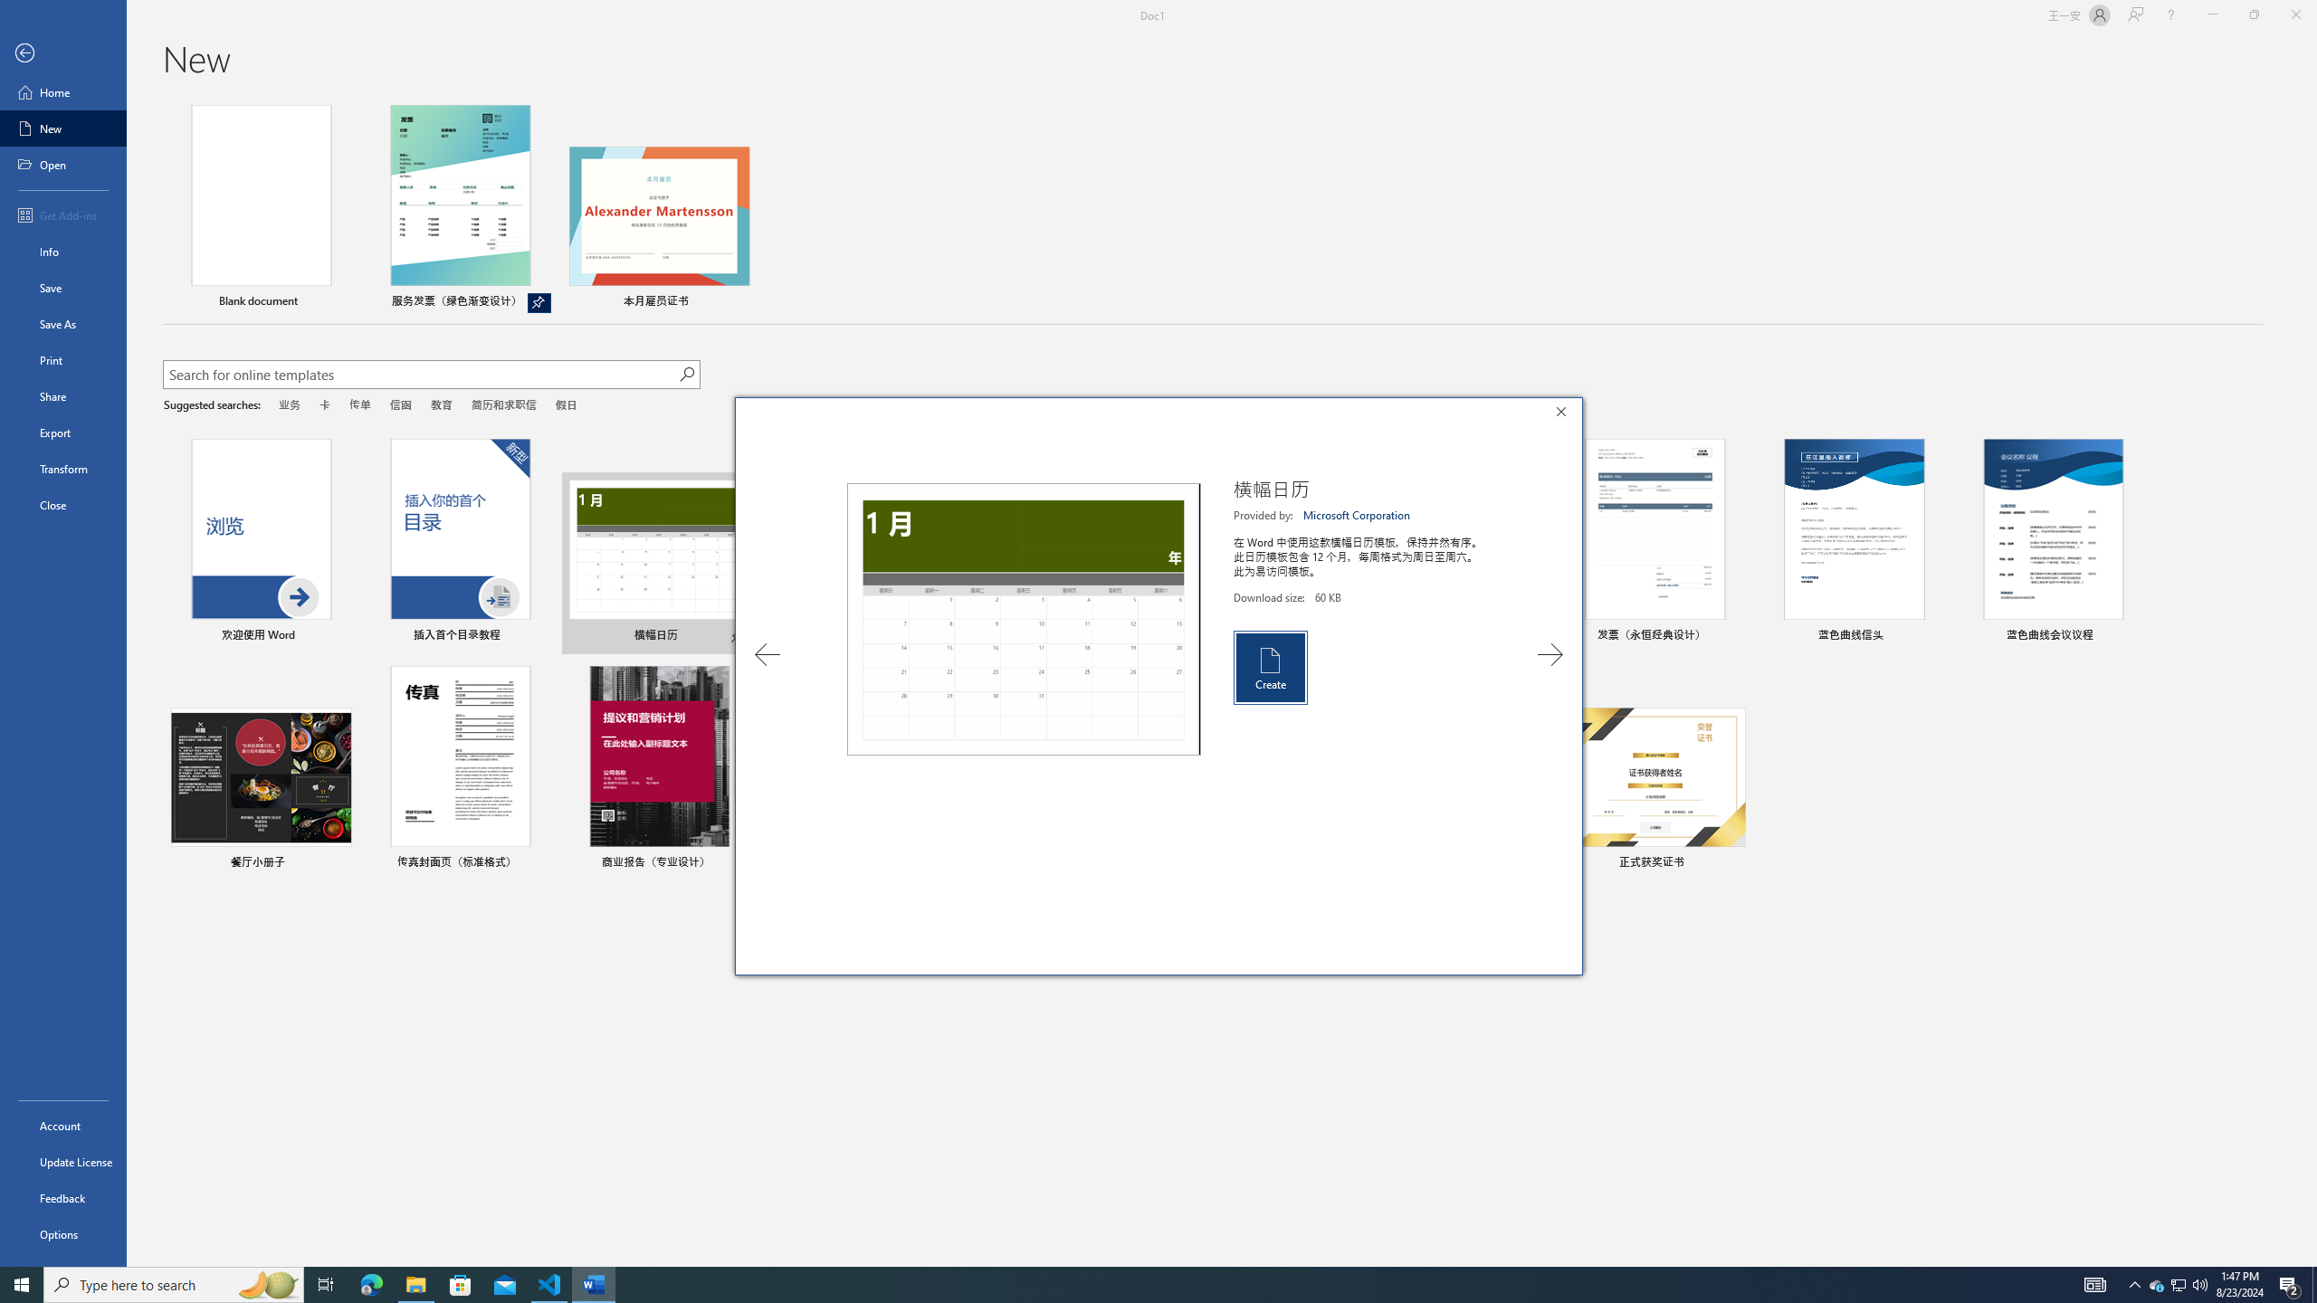 The width and height of the screenshot is (2317, 1303). What do you see at coordinates (1023, 618) in the screenshot?
I see `'Preview'` at bounding box center [1023, 618].